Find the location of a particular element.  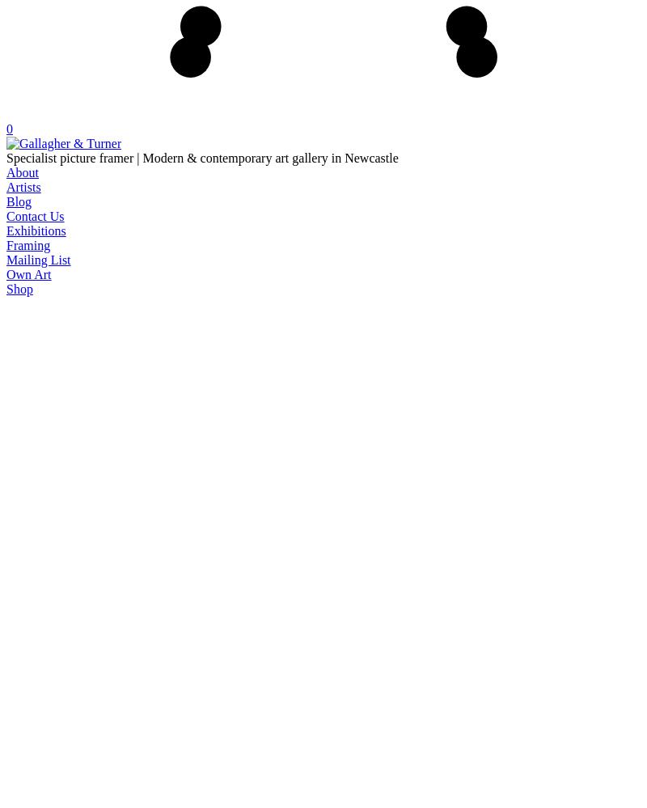

'About' is located at coordinates (23, 171).